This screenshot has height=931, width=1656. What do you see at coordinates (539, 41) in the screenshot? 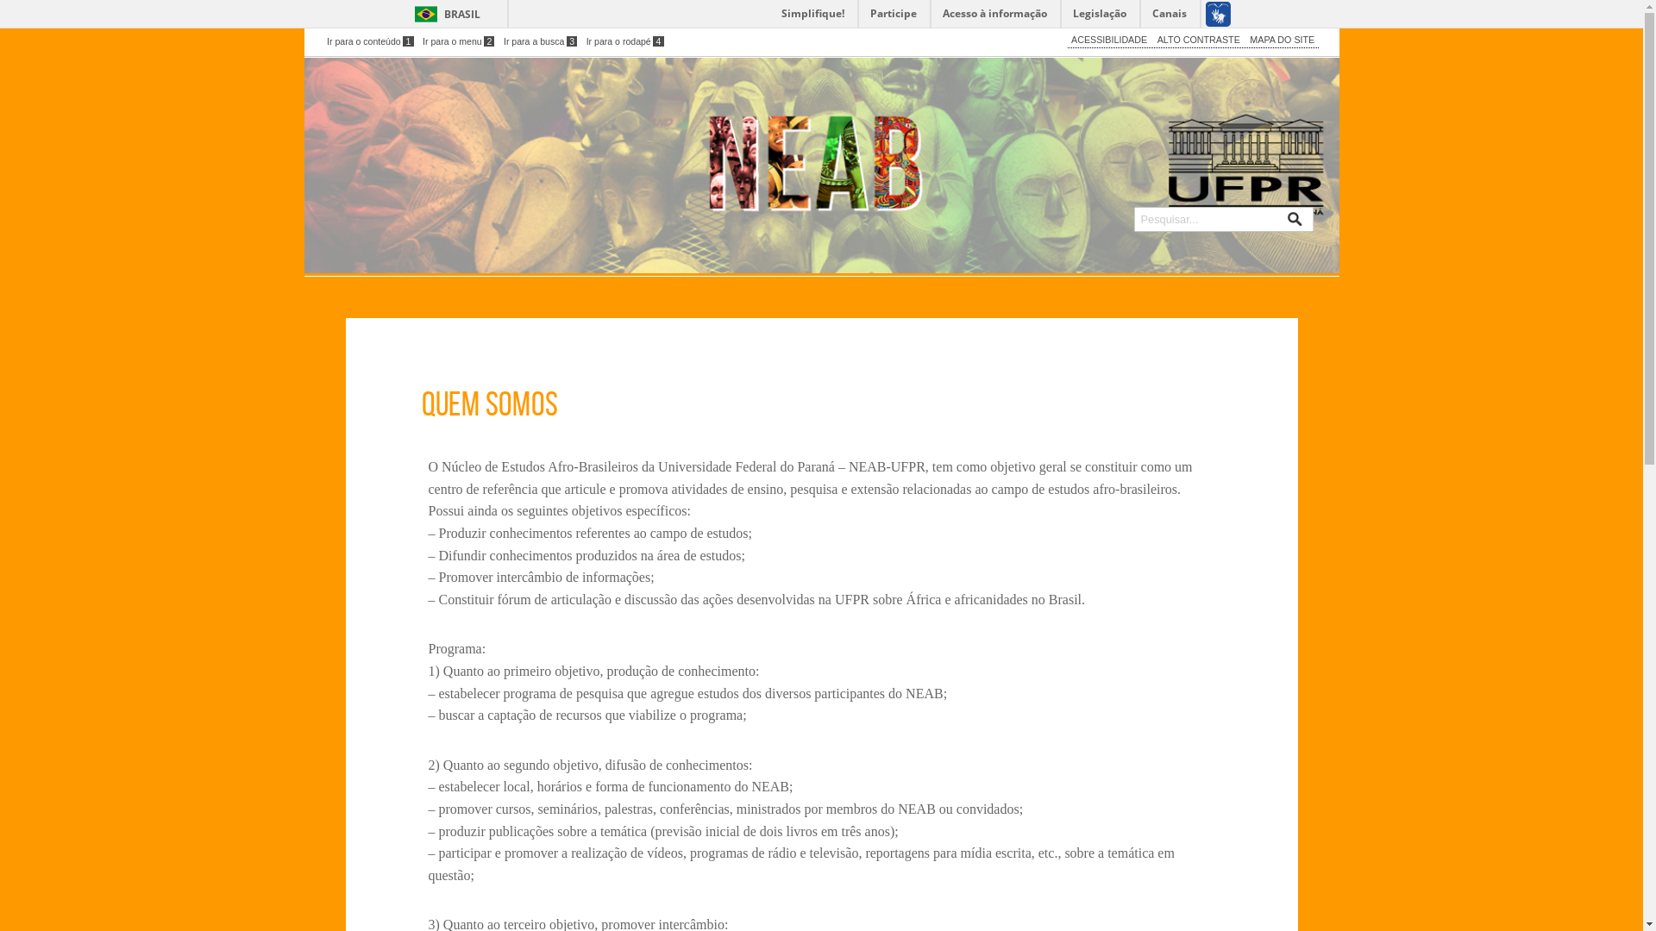
I see `'Ir para a busca3'` at bounding box center [539, 41].